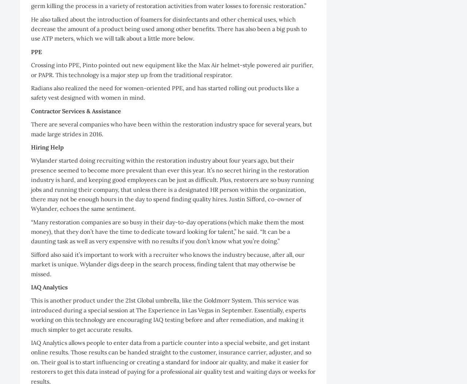 The height and width of the screenshot is (384, 467). What do you see at coordinates (167, 231) in the screenshot?
I see `'“Many restoration companies are so busy in their day-to-day operations (which make them the most money), that they don’t have the time to dedicate toward looking for talent,” he said. “It can be a daunting task as well as very expensive with no results if you don’t know what you’re doing.”'` at bounding box center [167, 231].